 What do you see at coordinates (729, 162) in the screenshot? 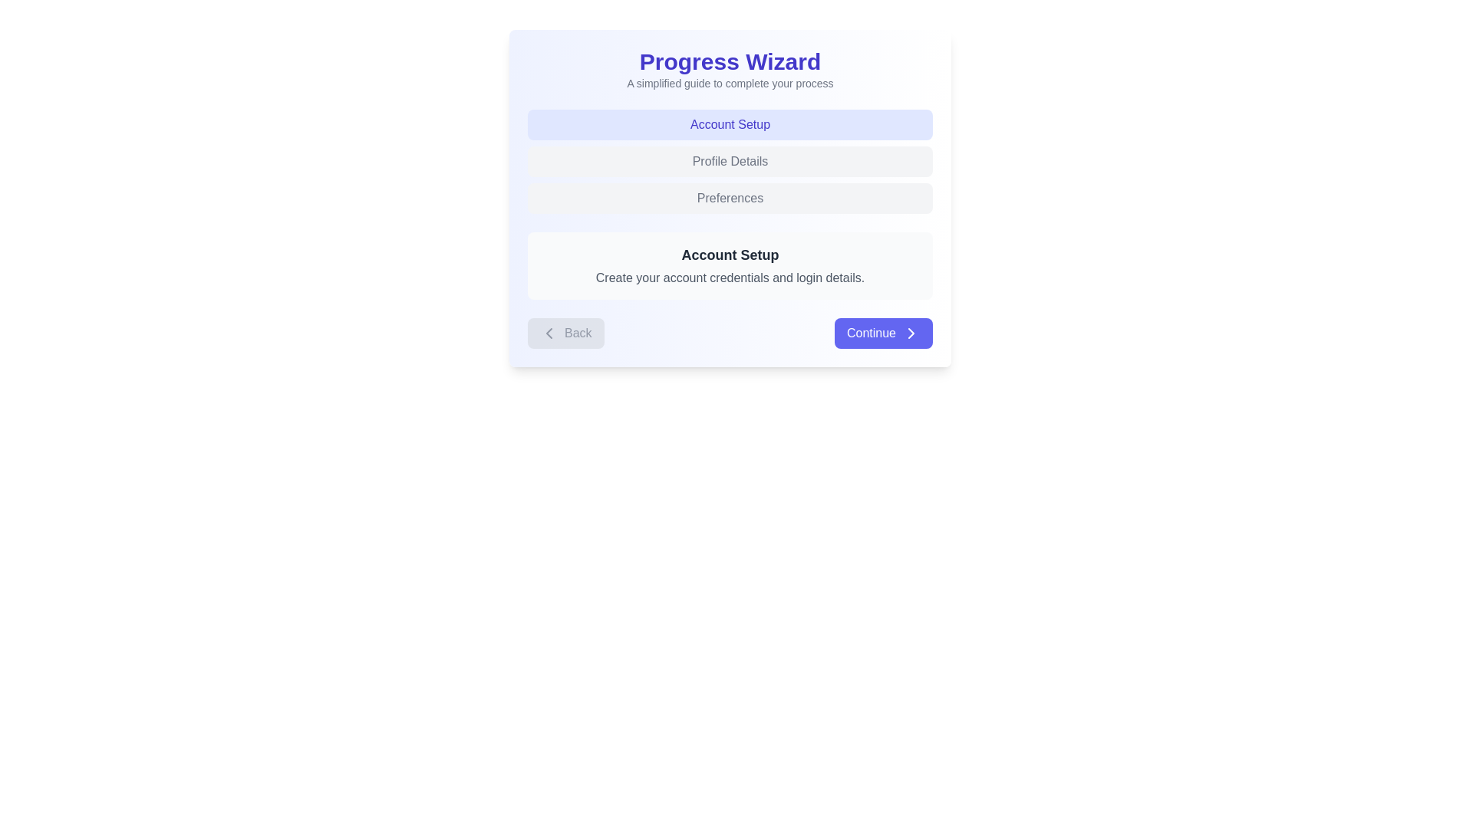
I see `the 'Profile Details' button, which is a rectangular text button with a light gray background and medium gray text, located within the 'Progress Wizard' panel` at bounding box center [729, 162].